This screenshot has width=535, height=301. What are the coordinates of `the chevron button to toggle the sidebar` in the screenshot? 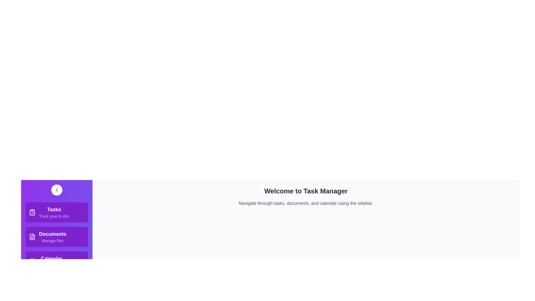 It's located at (57, 190).